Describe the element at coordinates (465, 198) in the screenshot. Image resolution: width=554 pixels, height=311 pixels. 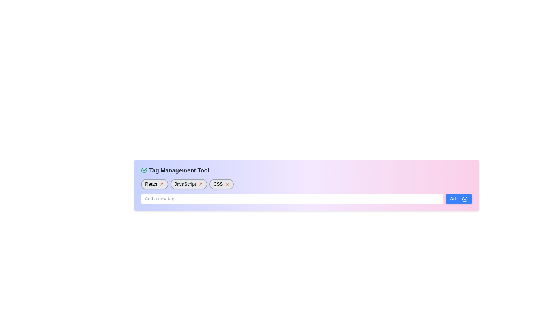
I see `the small circular icon button with a blue background and a plus sign, located immediately to the right of the 'Add' button` at that location.